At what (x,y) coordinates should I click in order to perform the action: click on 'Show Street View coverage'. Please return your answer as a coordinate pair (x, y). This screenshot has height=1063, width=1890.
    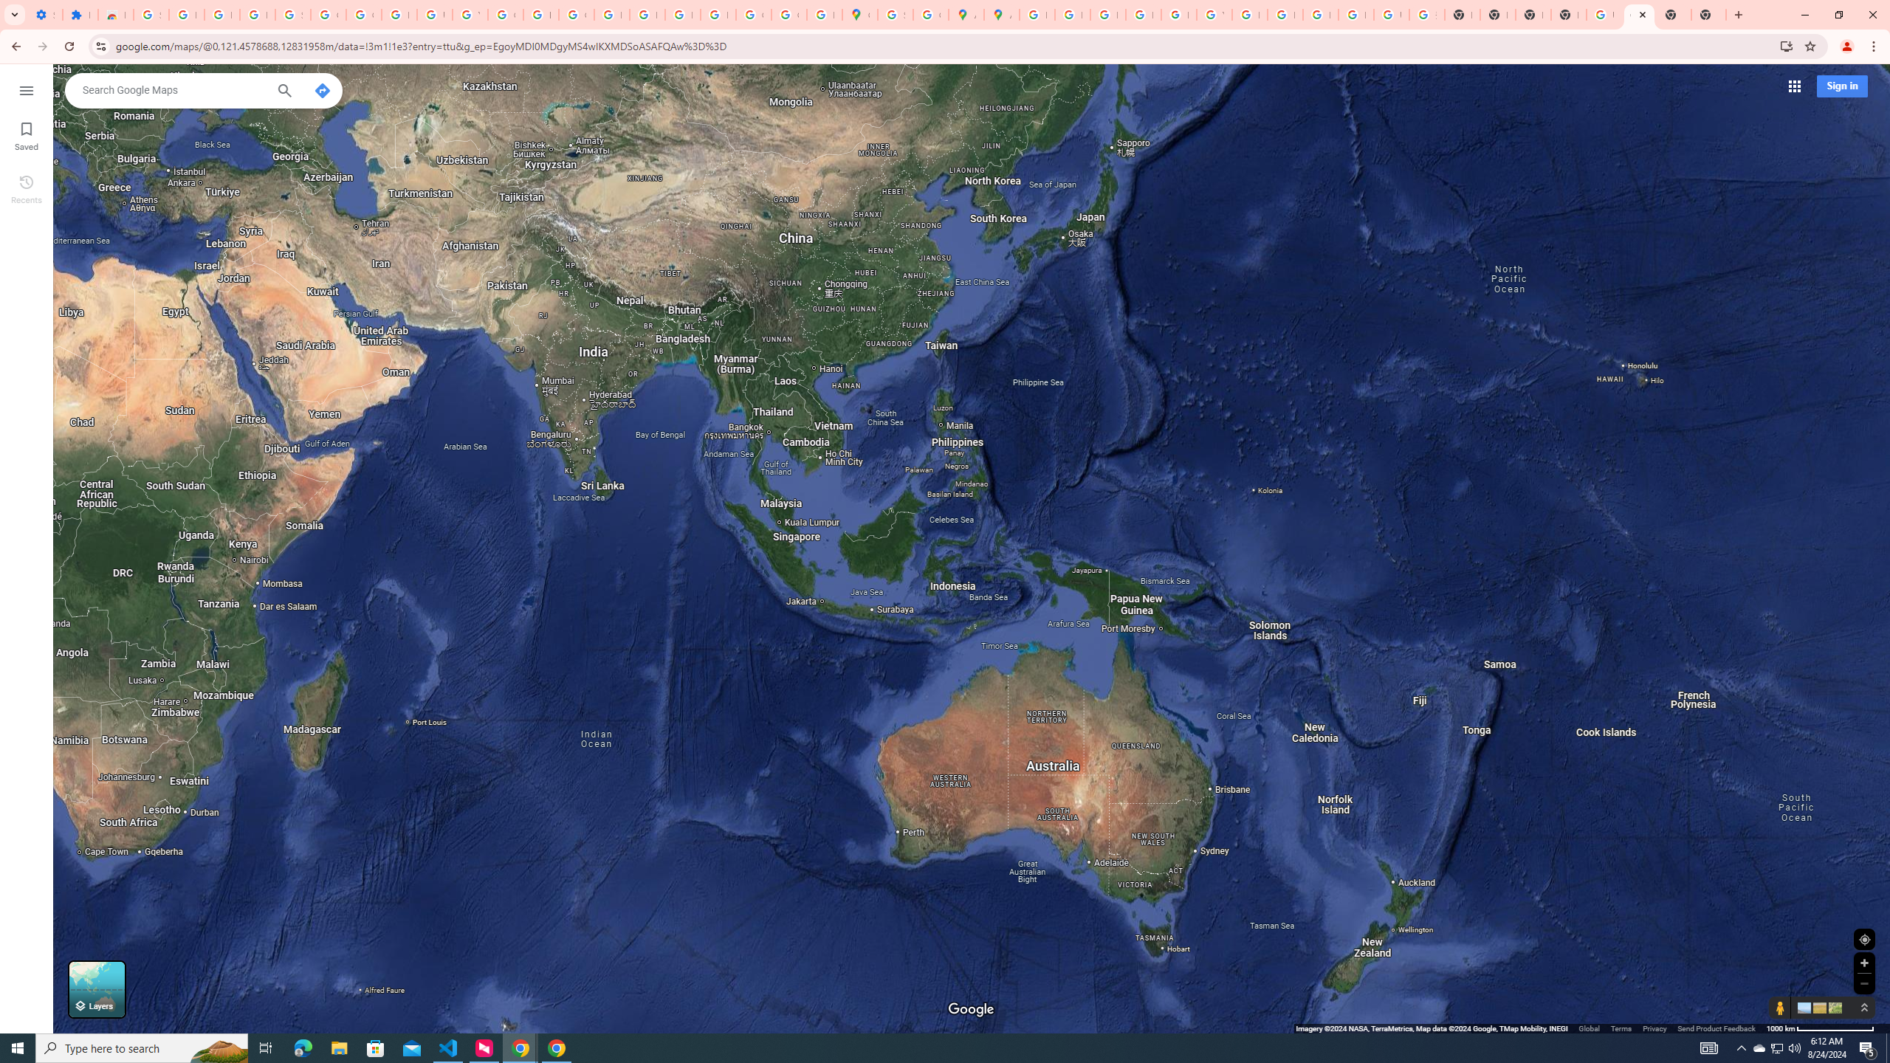
    Looking at the image, I should click on (1779, 1007).